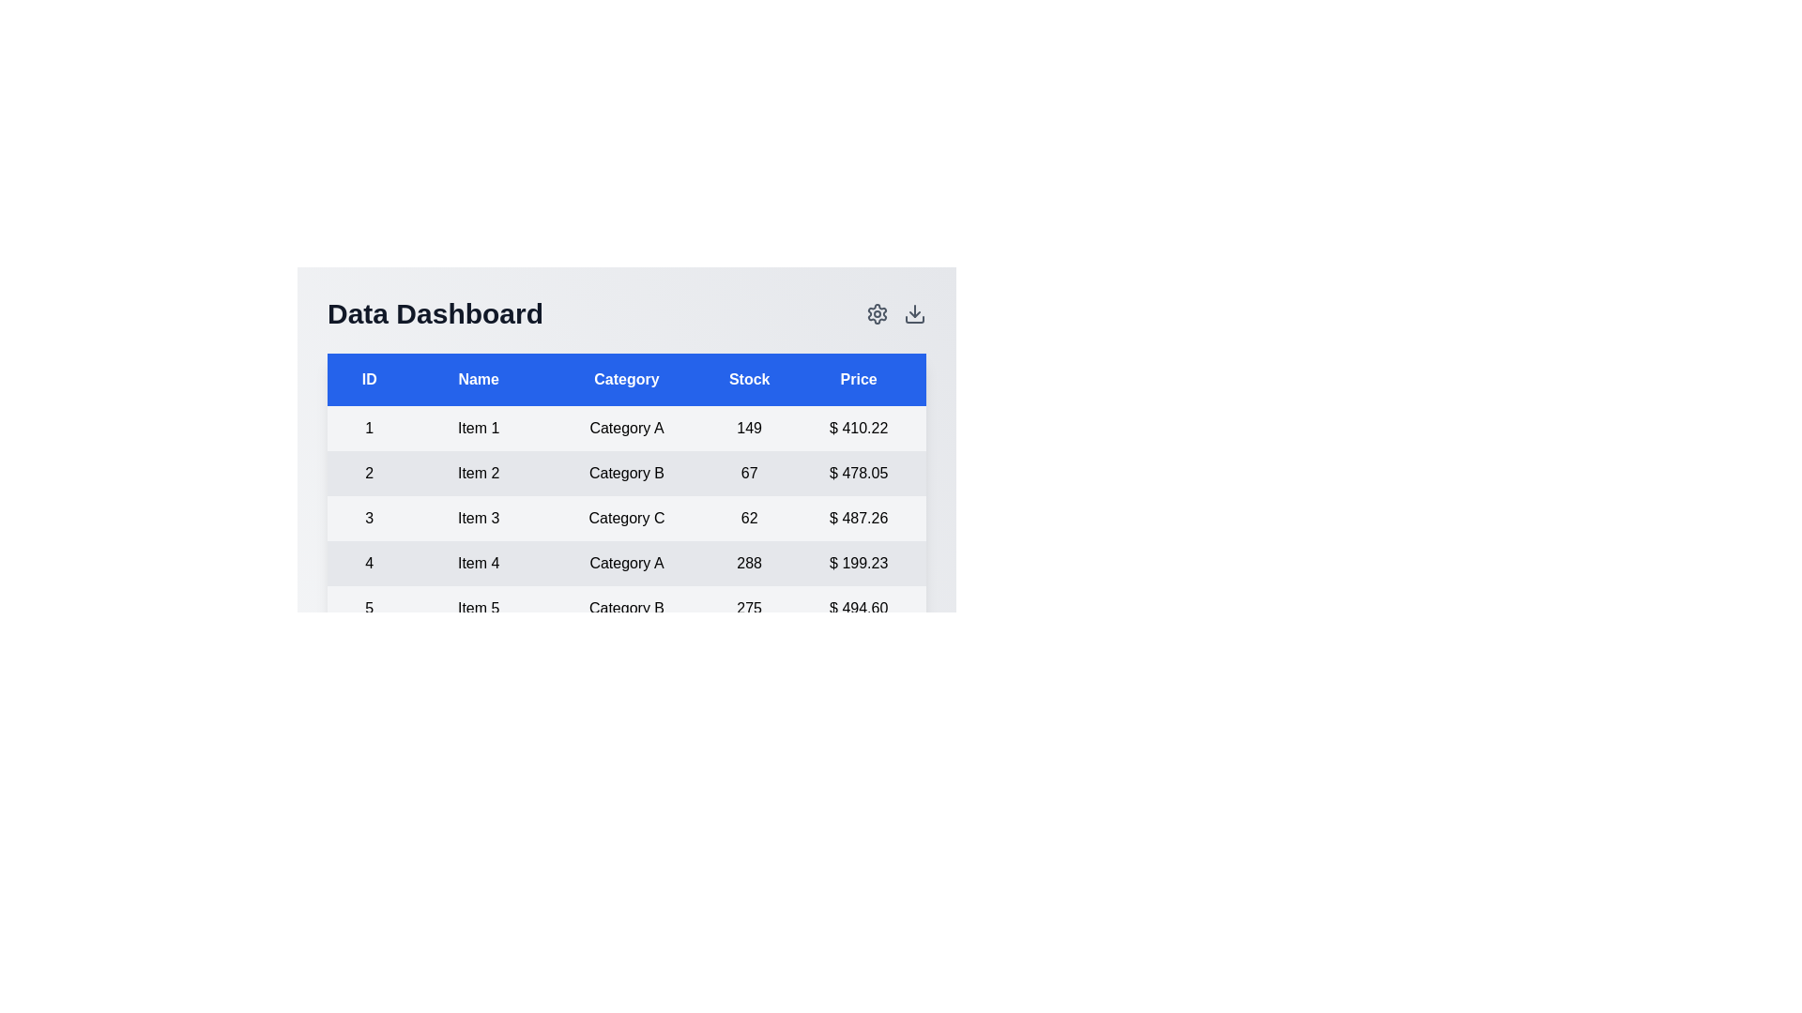 The image size is (1802, 1013). What do you see at coordinates (369, 380) in the screenshot?
I see `the column header to sort the table by ID` at bounding box center [369, 380].